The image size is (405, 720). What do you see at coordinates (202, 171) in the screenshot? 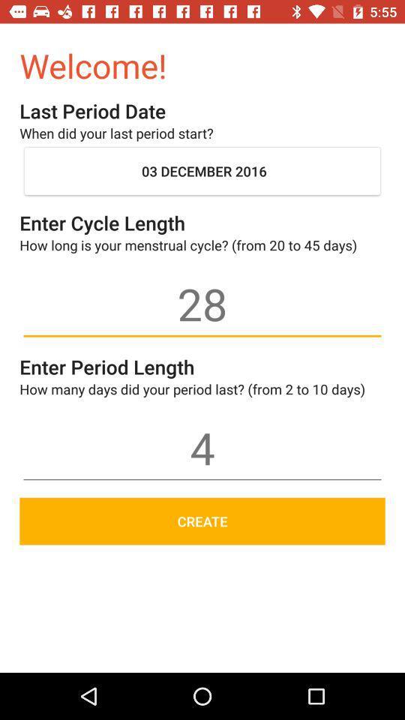
I see `the icon above enter cycle length icon` at bounding box center [202, 171].